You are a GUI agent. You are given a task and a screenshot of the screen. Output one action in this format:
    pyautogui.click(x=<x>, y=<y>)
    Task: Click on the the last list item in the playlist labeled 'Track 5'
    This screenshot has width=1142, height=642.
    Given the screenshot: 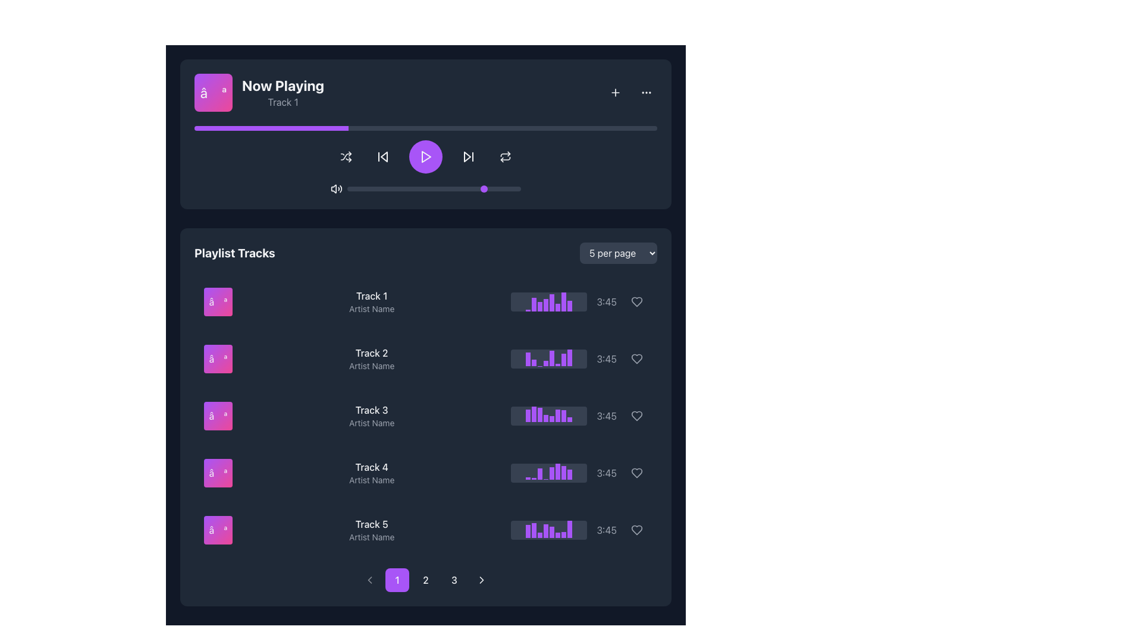 What is the action you would take?
    pyautogui.click(x=425, y=529)
    